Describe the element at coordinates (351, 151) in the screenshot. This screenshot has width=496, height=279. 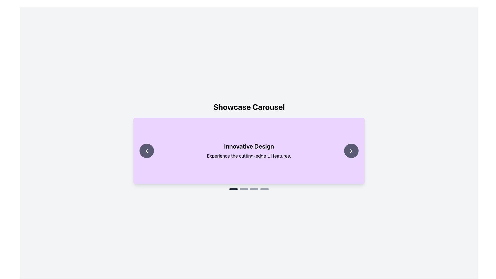
I see `the right circular button of the carousel interface` at that location.